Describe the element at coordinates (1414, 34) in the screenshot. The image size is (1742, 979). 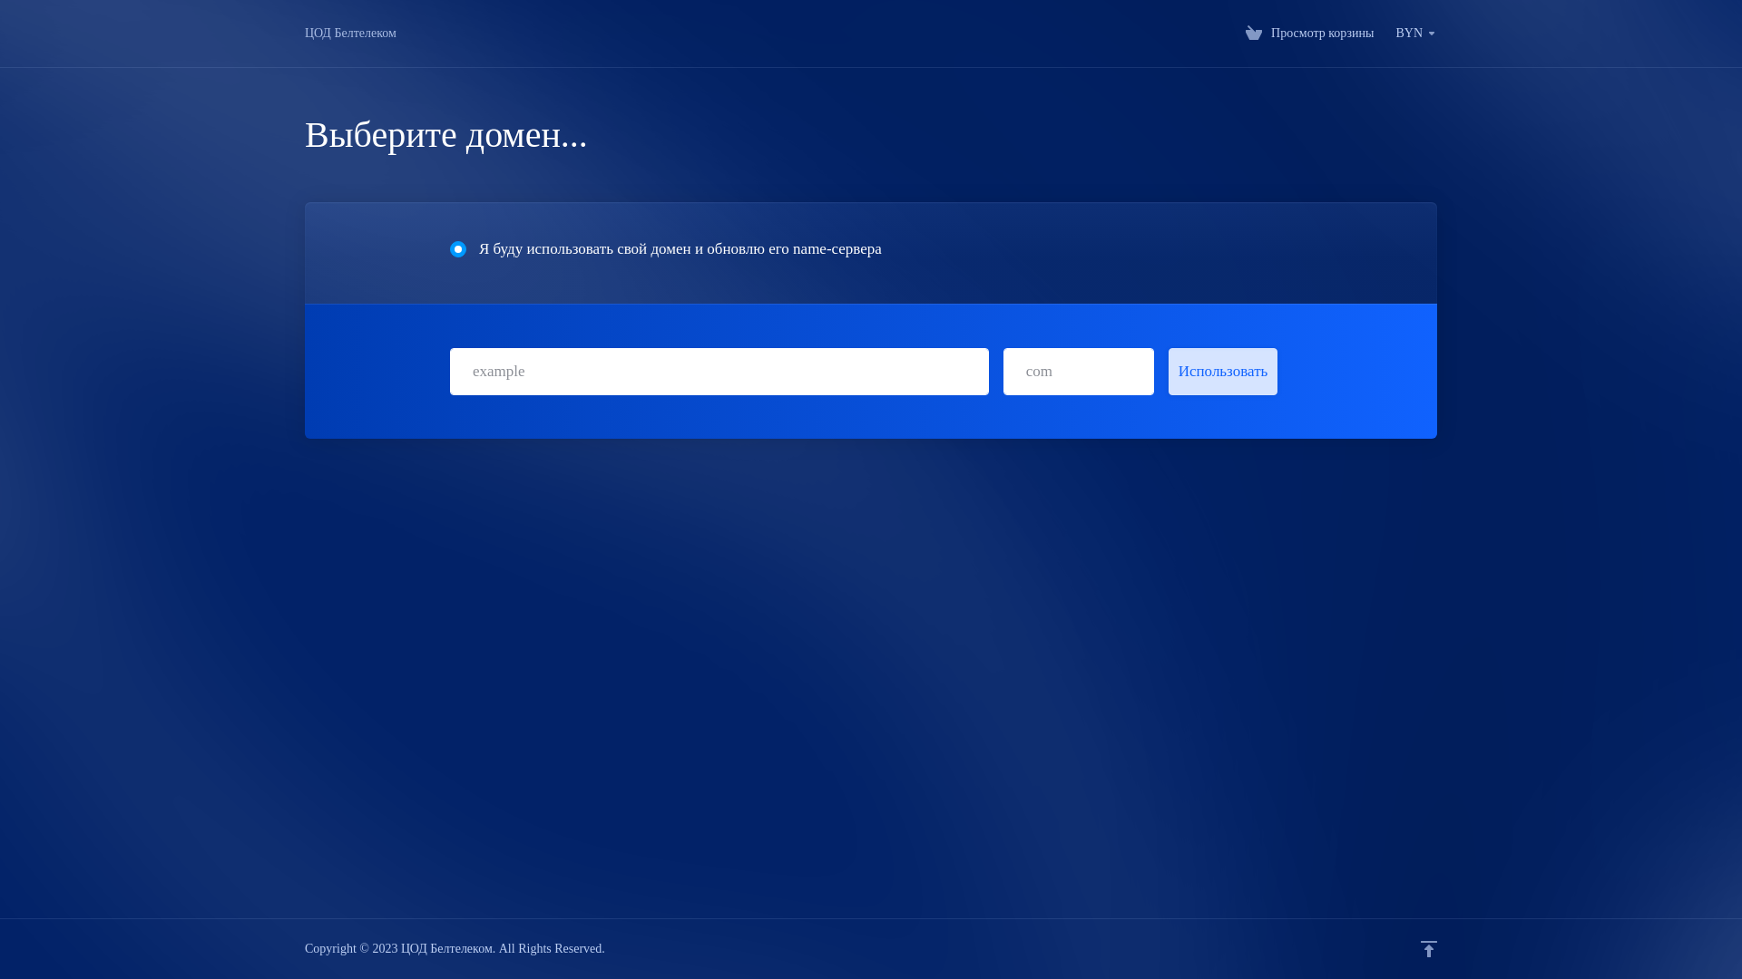
I see `'BYN'` at that location.